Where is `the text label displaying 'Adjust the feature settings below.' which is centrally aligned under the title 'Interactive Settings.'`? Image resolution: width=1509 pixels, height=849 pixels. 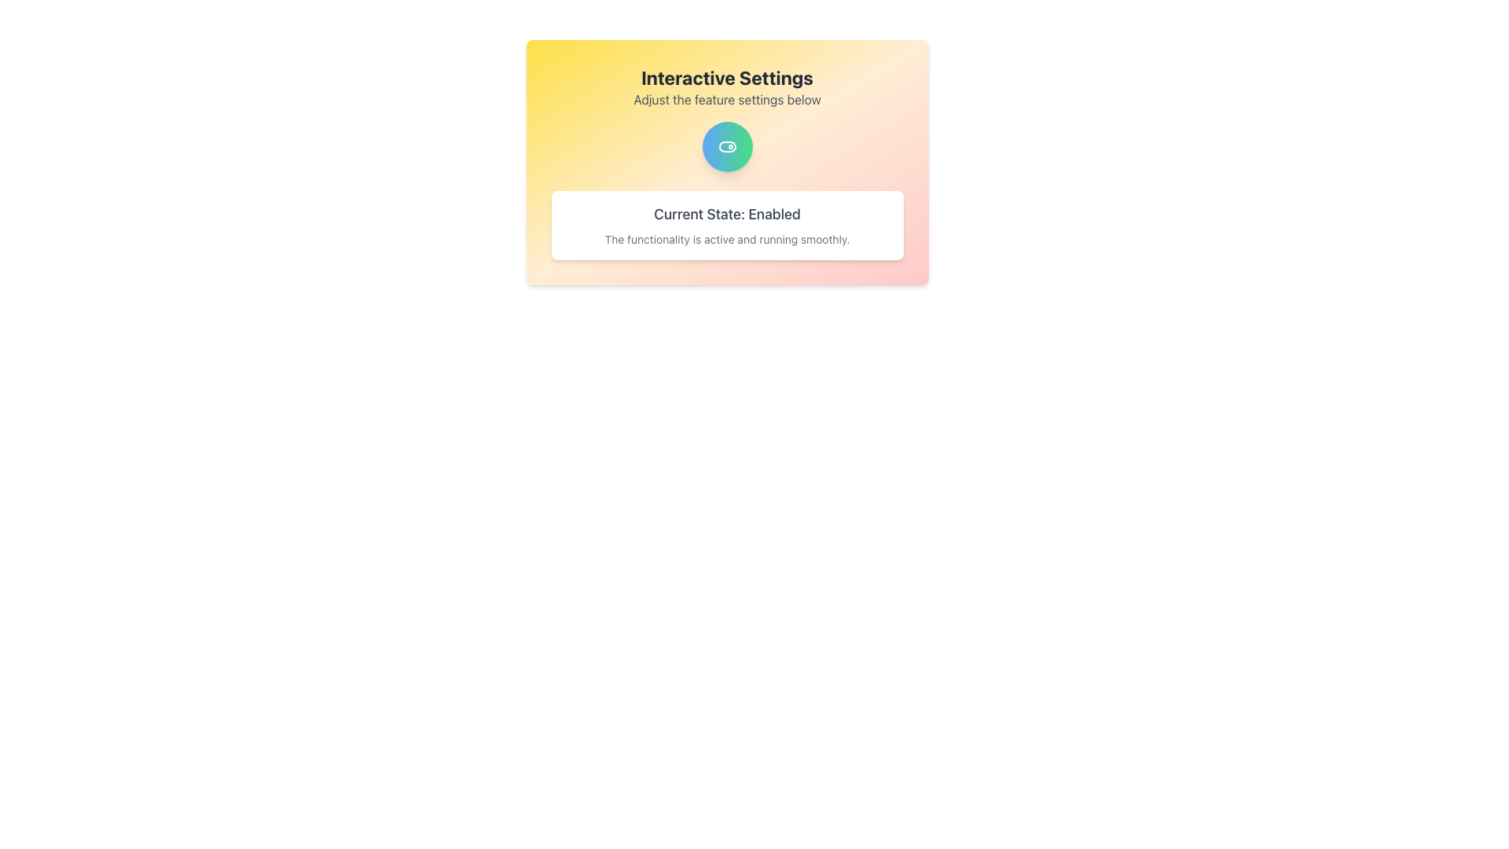 the text label displaying 'Adjust the feature settings below.' which is centrally aligned under the title 'Interactive Settings.' is located at coordinates (726, 100).